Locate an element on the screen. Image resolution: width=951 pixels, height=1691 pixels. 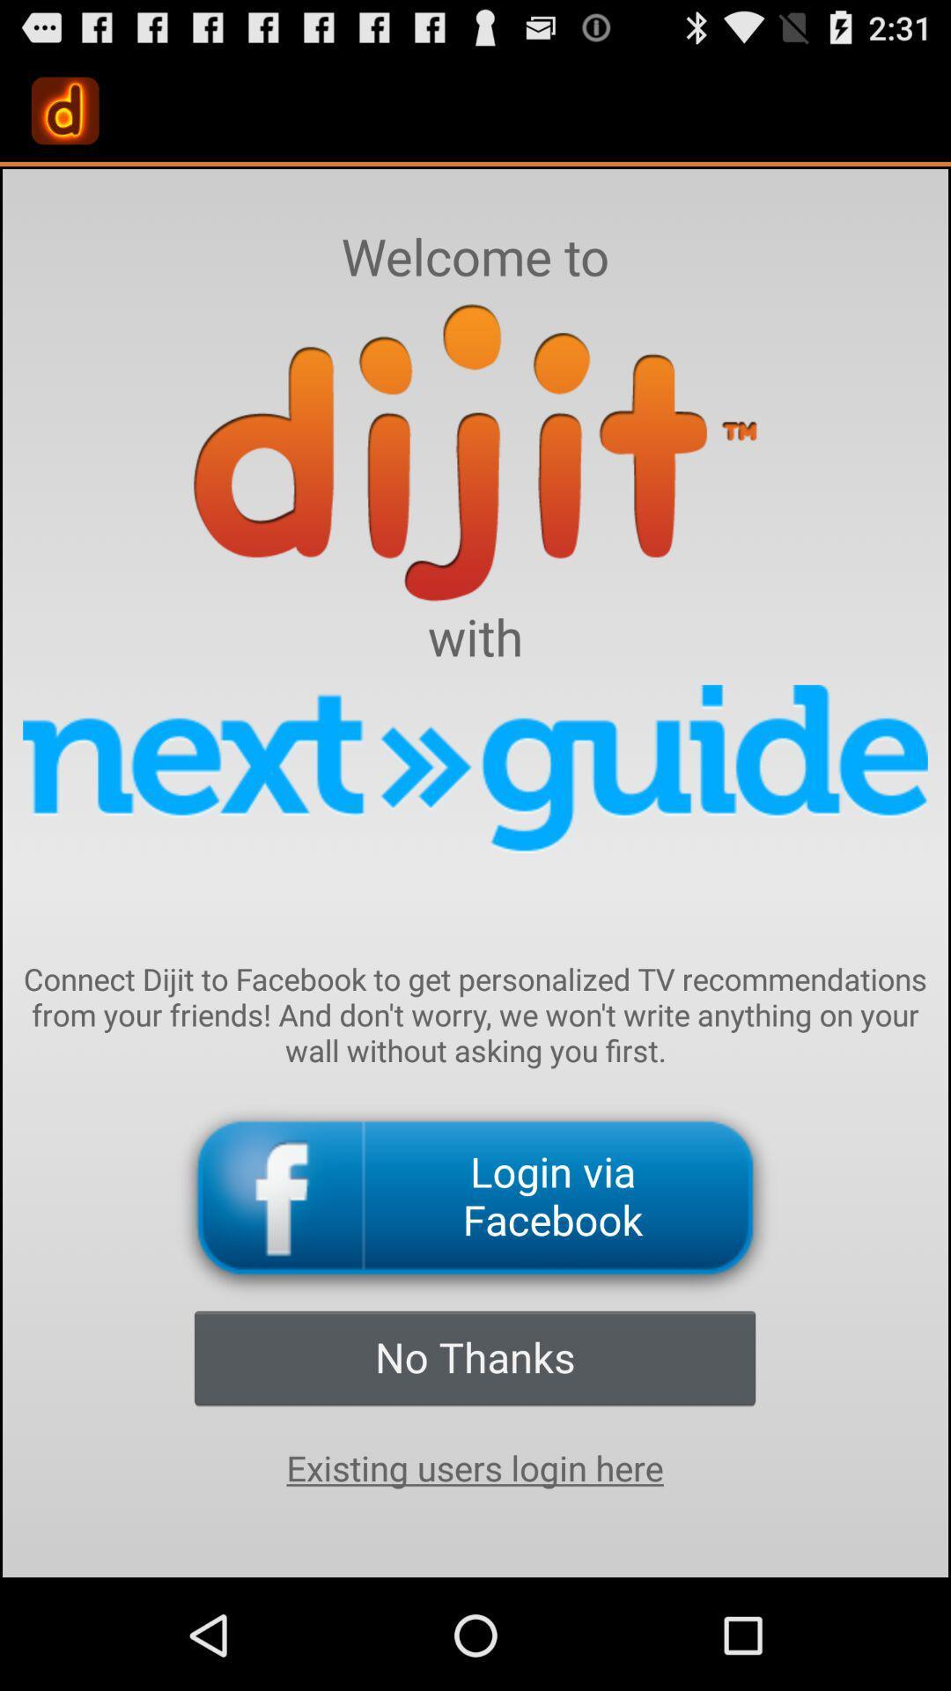
the no thanks icon is located at coordinates (474, 1356).